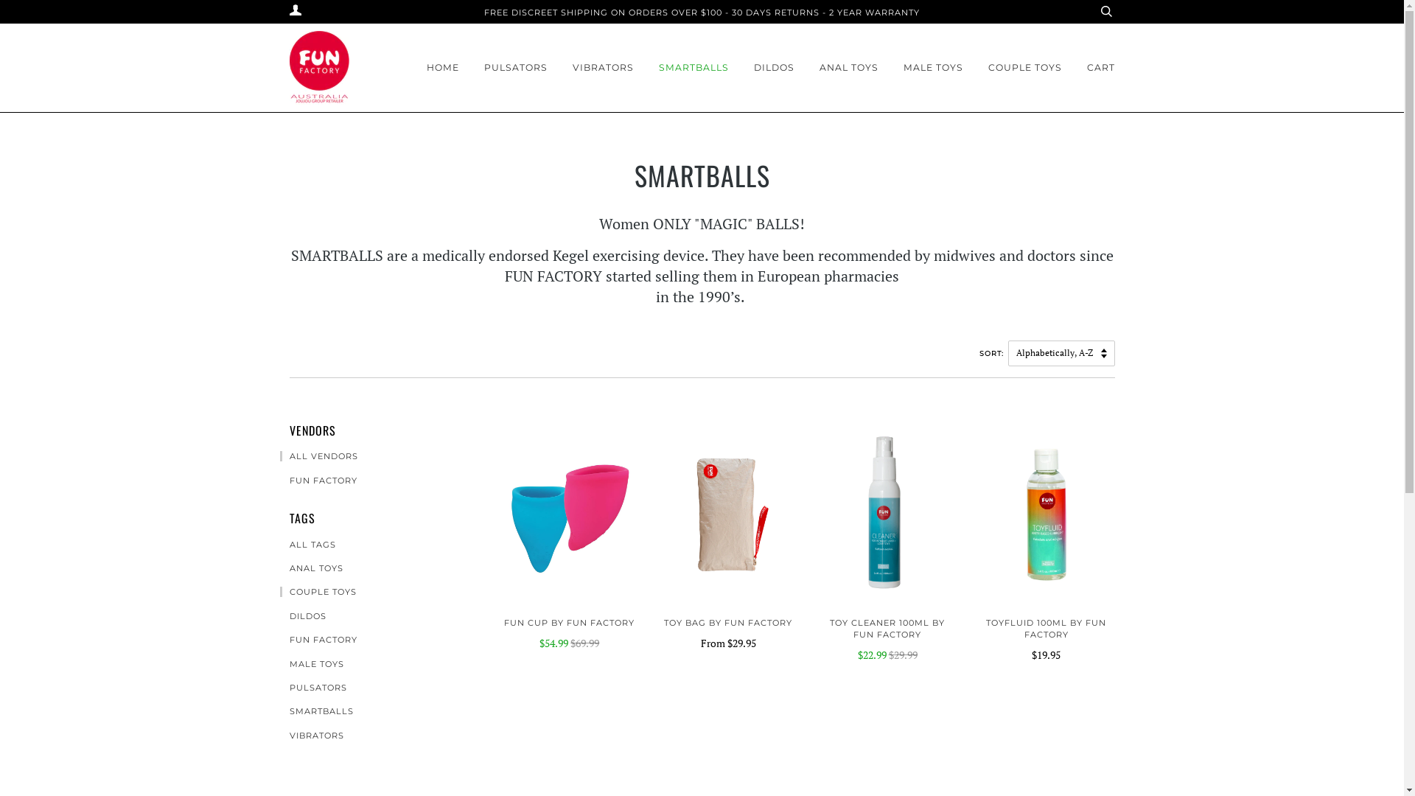  Describe the element at coordinates (311, 664) in the screenshot. I see `'MALE TOYS'` at that location.